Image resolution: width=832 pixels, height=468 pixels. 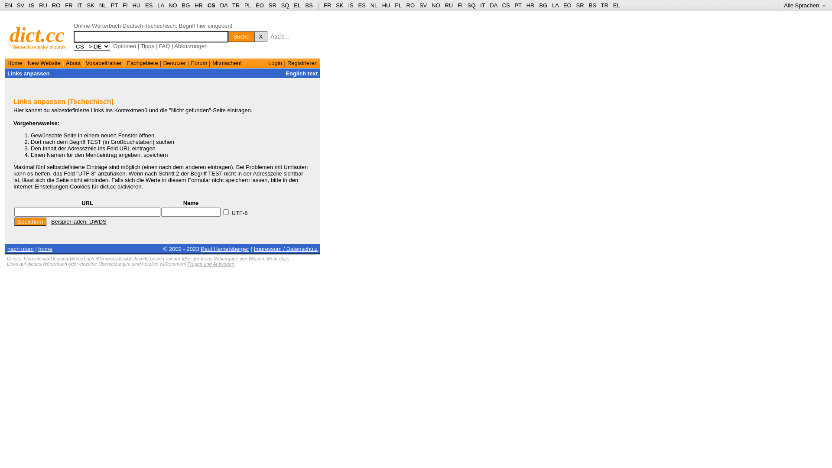 What do you see at coordinates (297, 5) in the screenshot?
I see `'EL'` at bounding box center [297, 5].